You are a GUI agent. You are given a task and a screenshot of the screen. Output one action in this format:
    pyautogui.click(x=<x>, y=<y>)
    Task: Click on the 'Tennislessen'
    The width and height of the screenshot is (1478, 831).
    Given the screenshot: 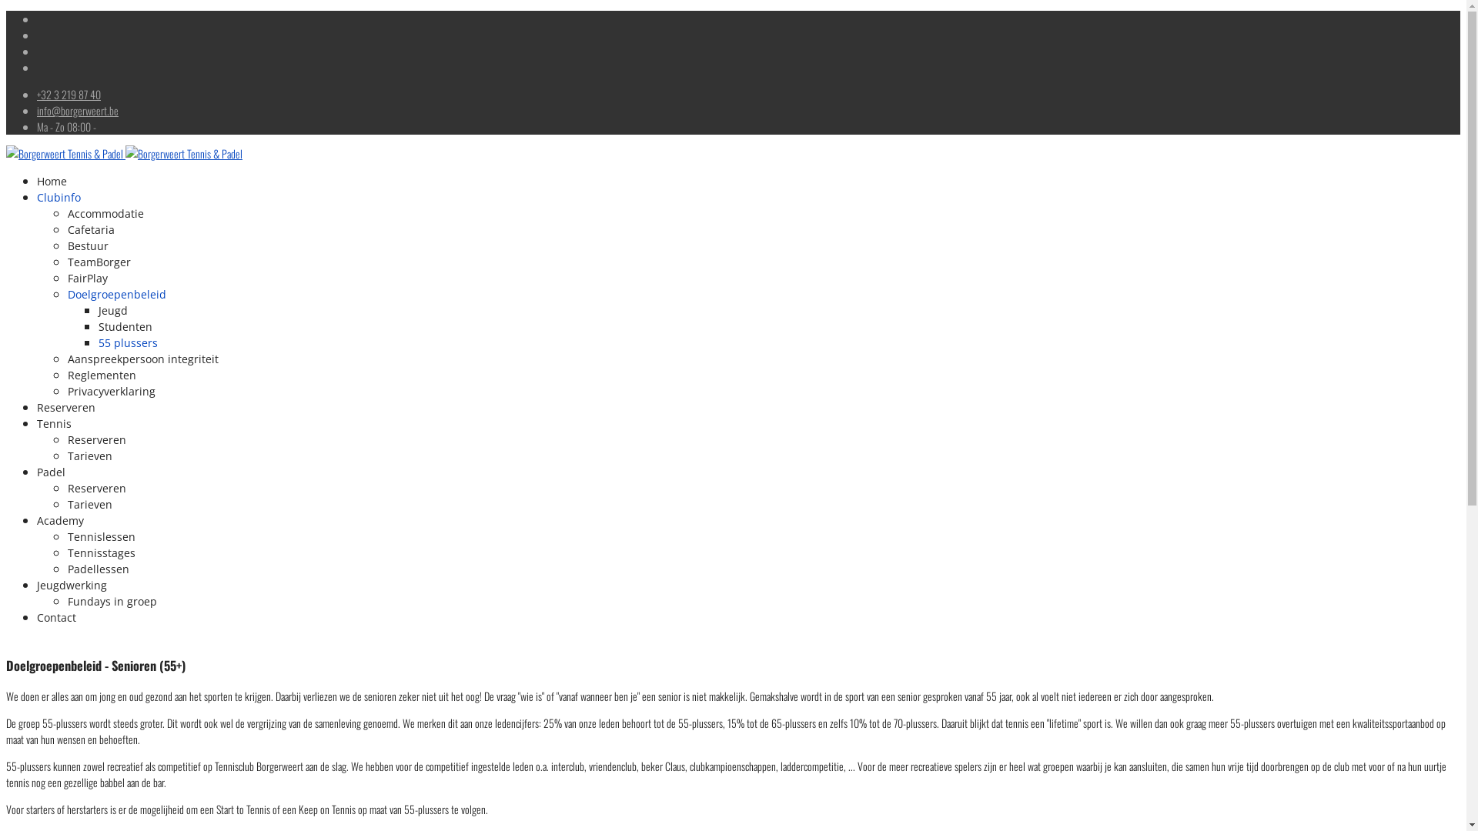 What is the action you would take?
    pyautogui.click(x=100, y=536)
    